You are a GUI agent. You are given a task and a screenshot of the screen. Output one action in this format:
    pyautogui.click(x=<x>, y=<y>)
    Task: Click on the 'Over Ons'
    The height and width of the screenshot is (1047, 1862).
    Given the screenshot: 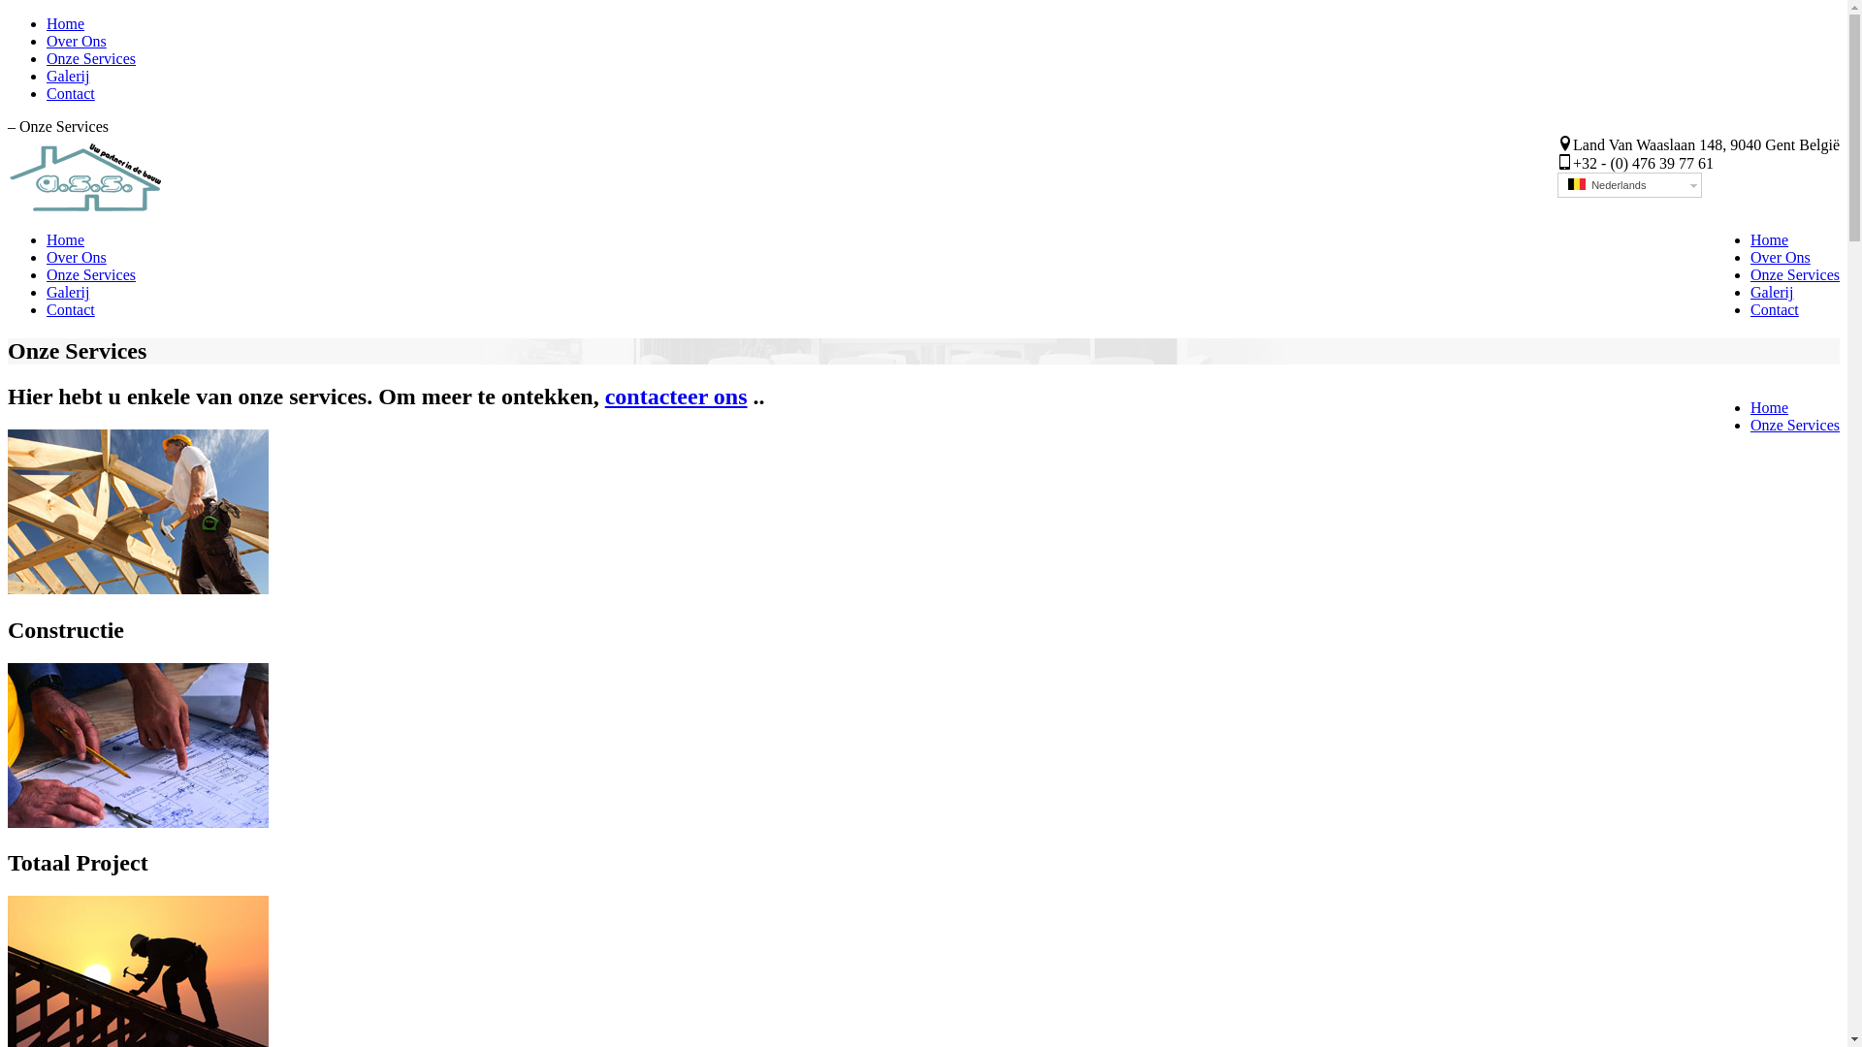 What is the action you would take?
    pyautogui.click(x=1781, y=256)
    